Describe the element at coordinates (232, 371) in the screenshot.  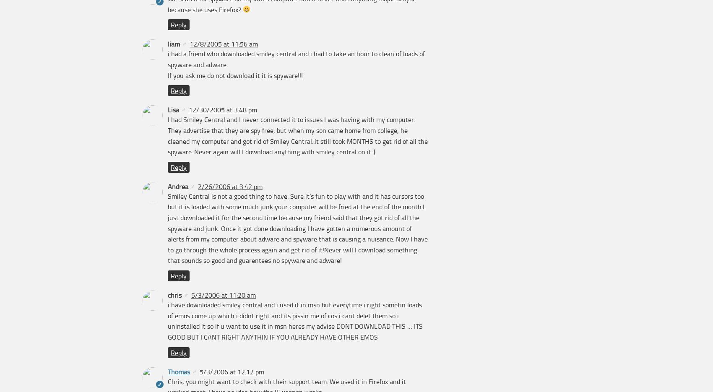
I see `'5/3/2006 at 12:12 pm'` at that location.